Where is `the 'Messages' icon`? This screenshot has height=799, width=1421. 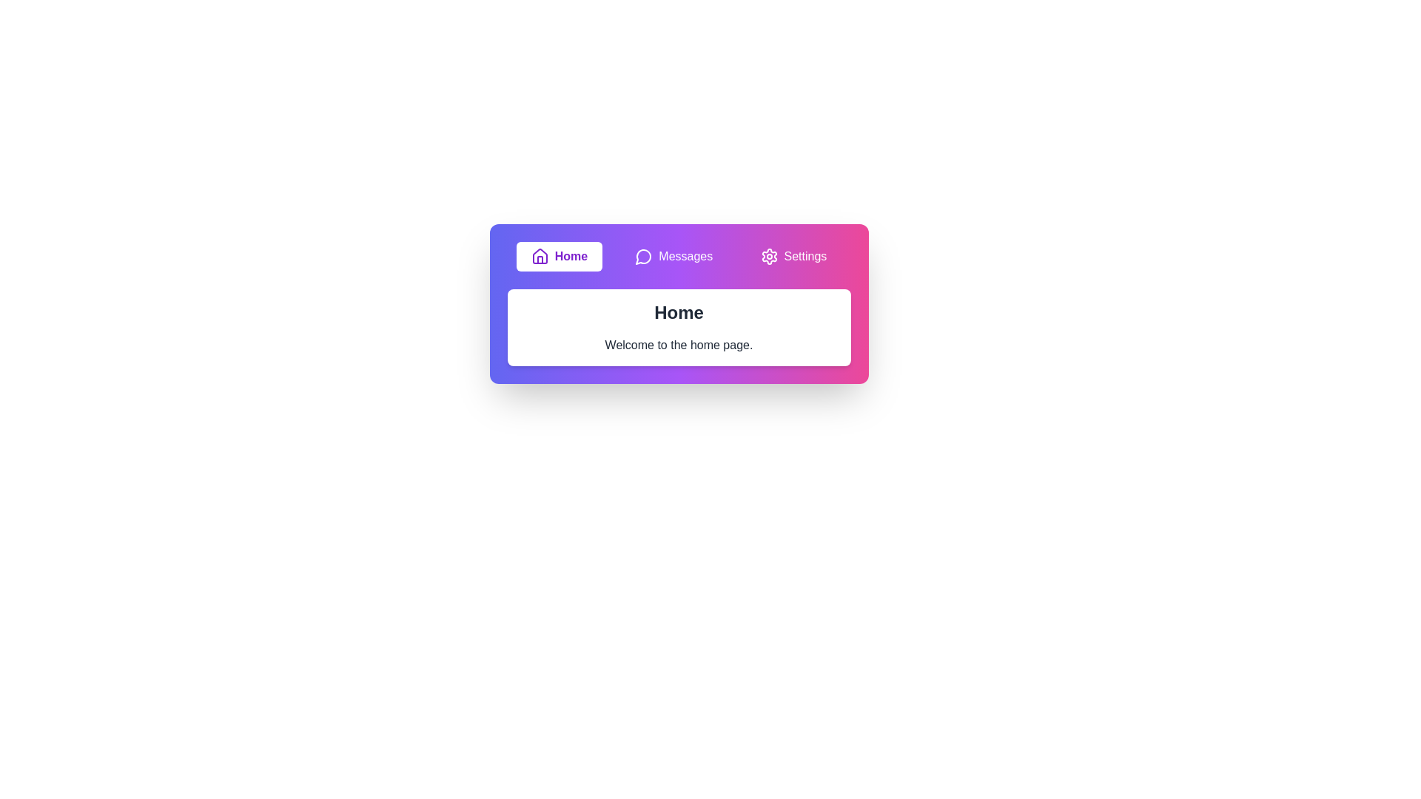 the 'Messages' icon is located at coordinates (644, 256).